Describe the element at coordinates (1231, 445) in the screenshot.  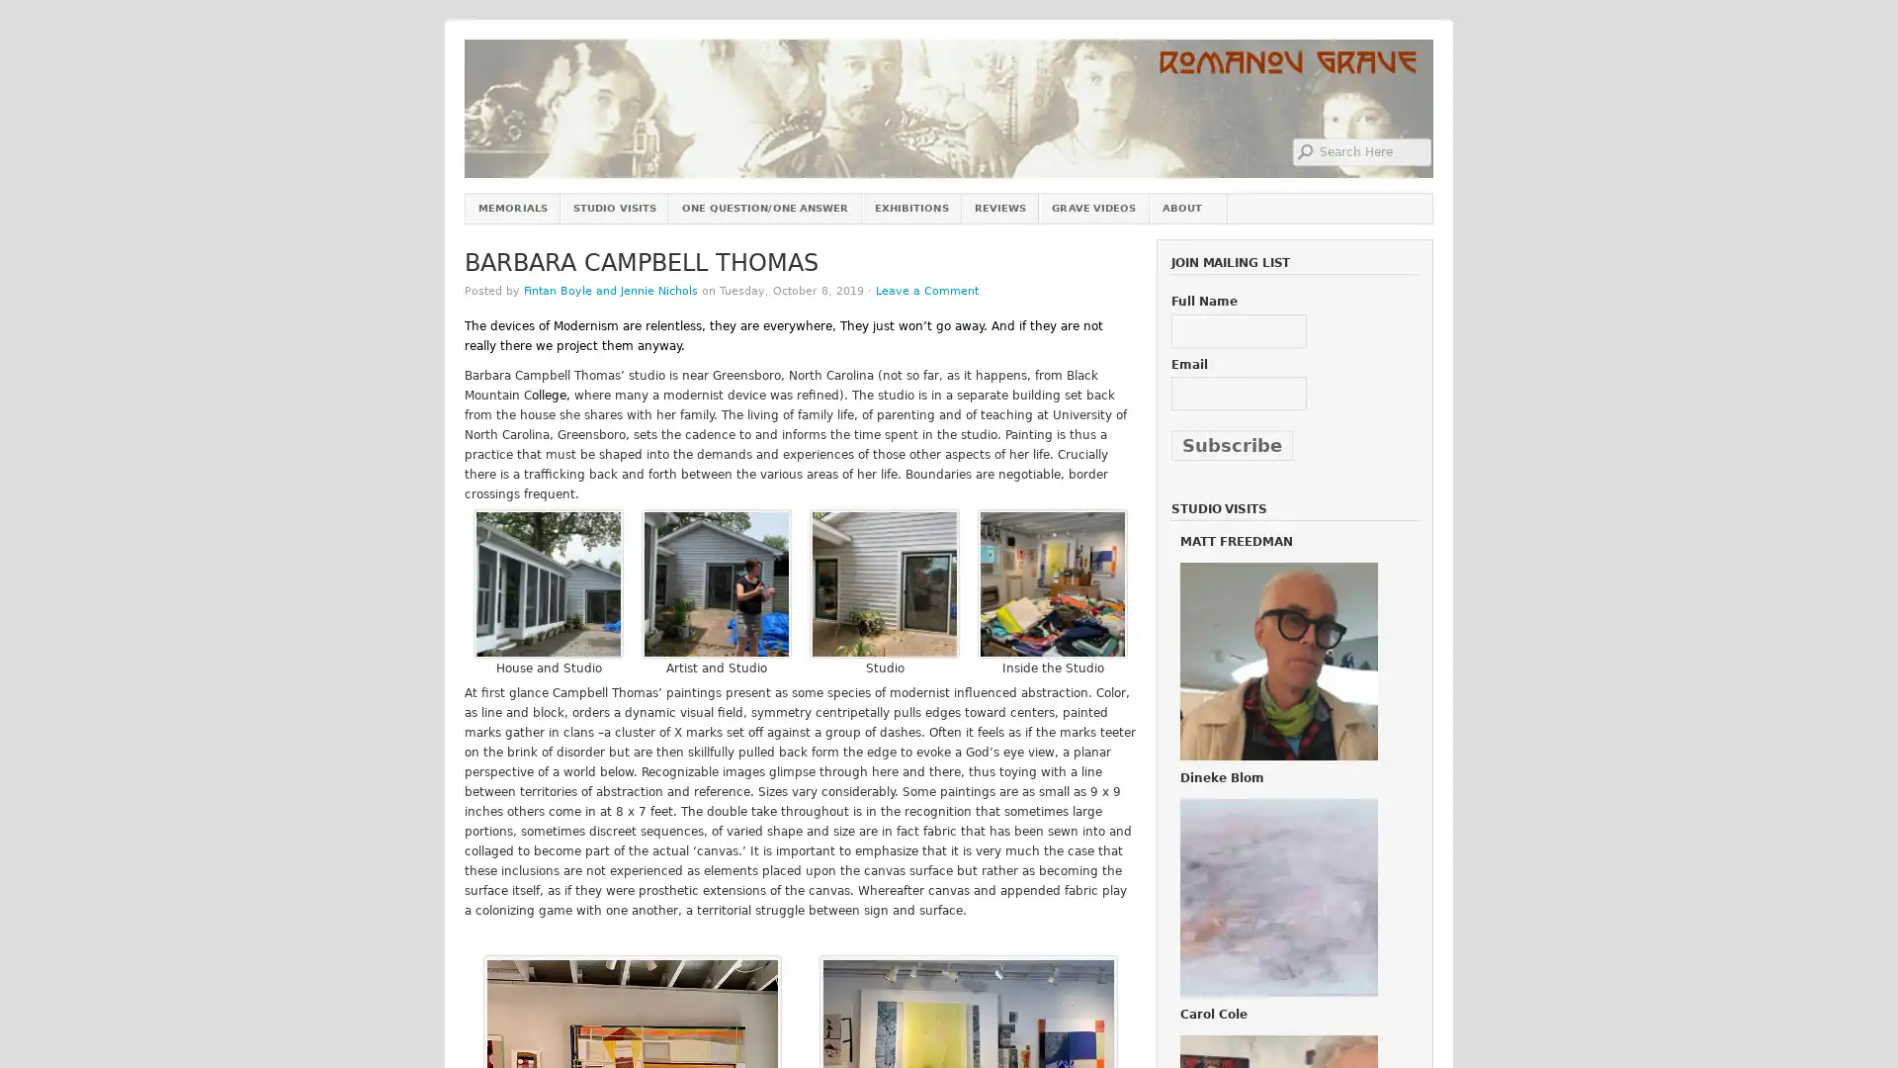
I see `Subscribe` at that location.